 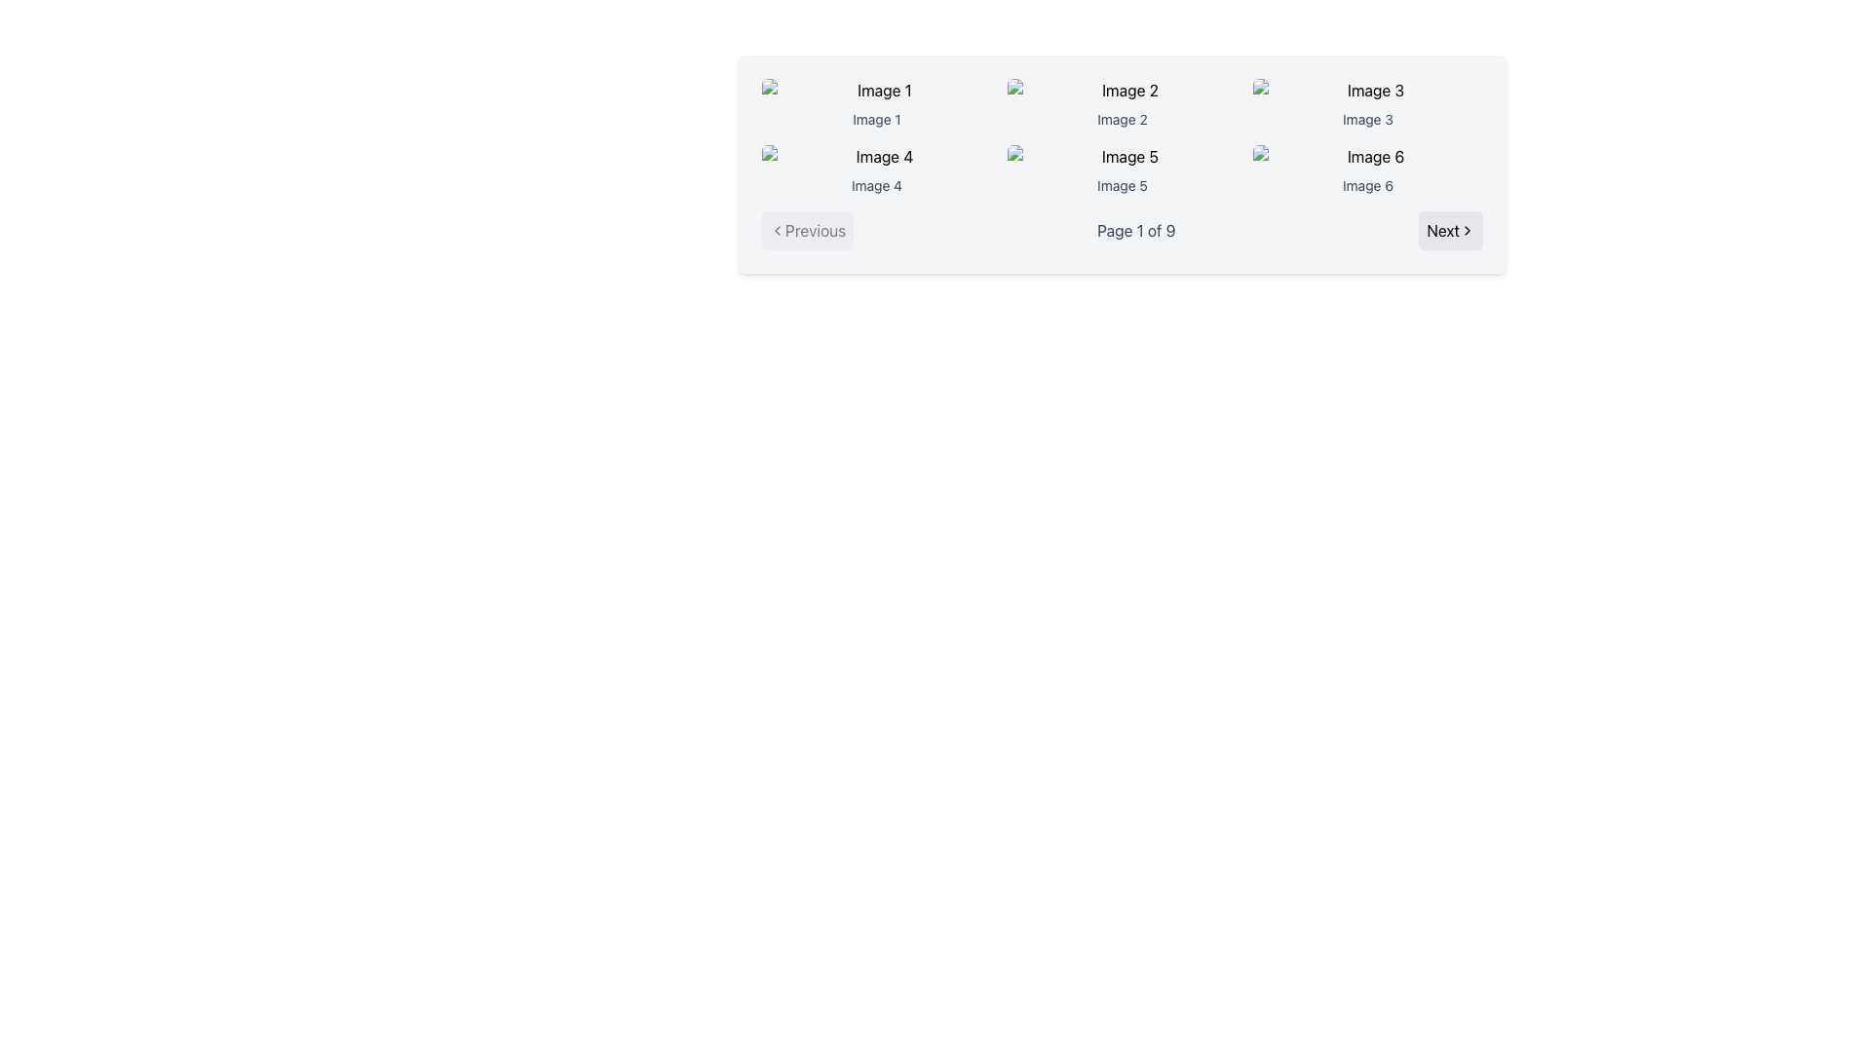 I want to click on the chevron-left icon that indicates the 'Previous' navigation action located inside the 'Previous' button on the lower-left corner of the navigation bar, so click(x=776, y=229).